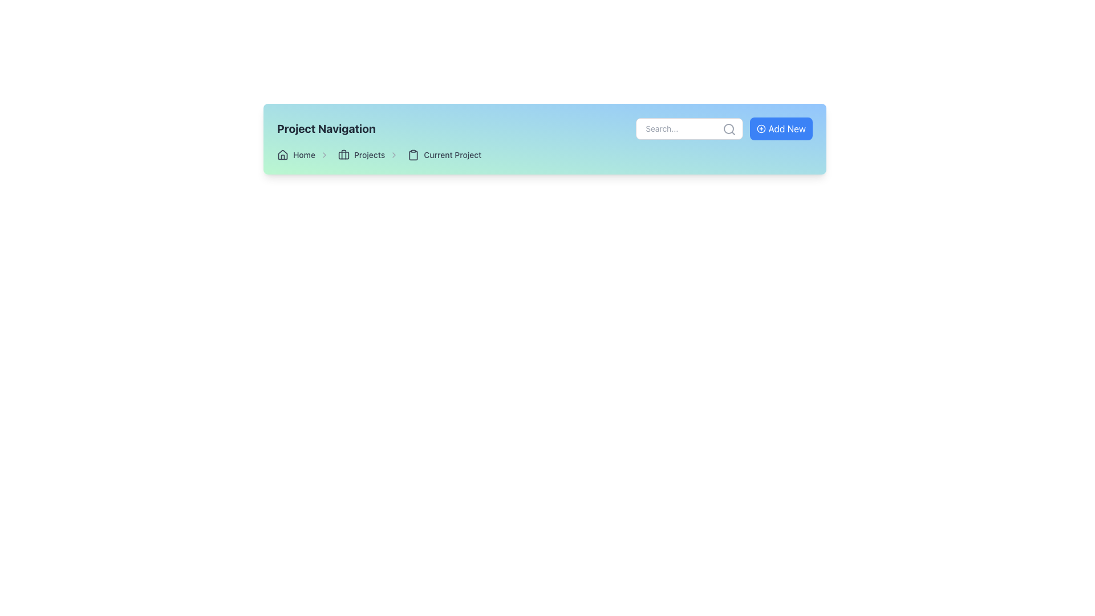 The image size is (1095, 616). What do you see at coordinates (343, 155) in the screenshot?
I see `the 'Projects' icon in the breadcrumb navigation bar, which visually represents the 'Projects' section` at bounding box center [343, 155].